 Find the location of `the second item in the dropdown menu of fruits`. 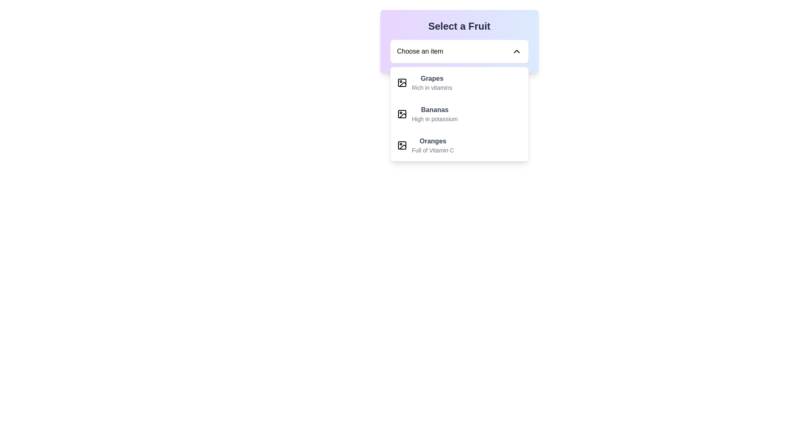

the second item in the dropdown menu of fruits is located at coordinates (459, 114).